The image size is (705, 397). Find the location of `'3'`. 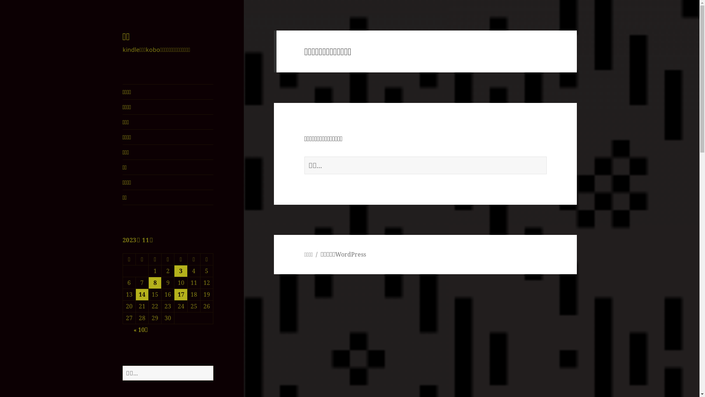

'3' is located at coordinates (180, 271).